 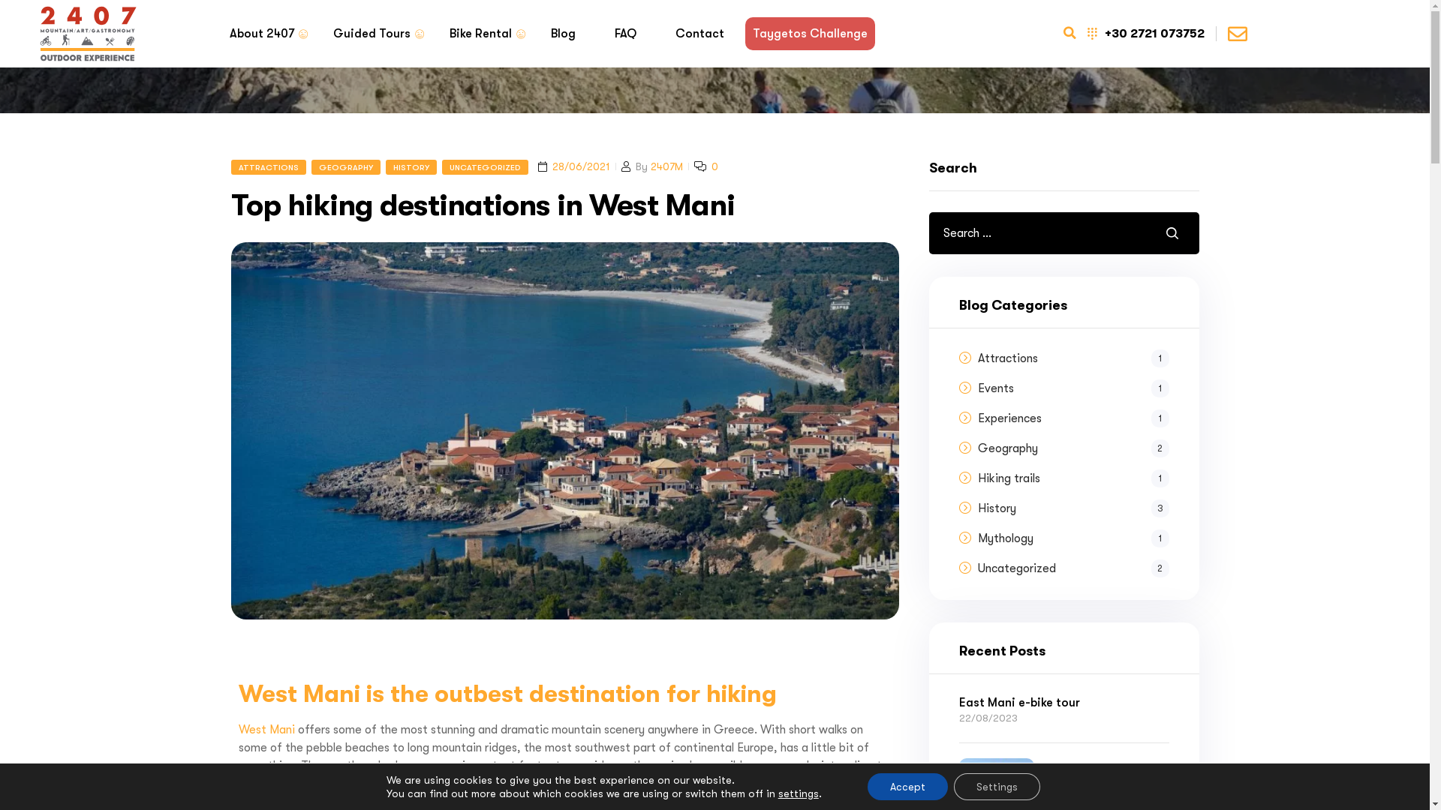 I want to click on '0', so click(x=711, y=166).